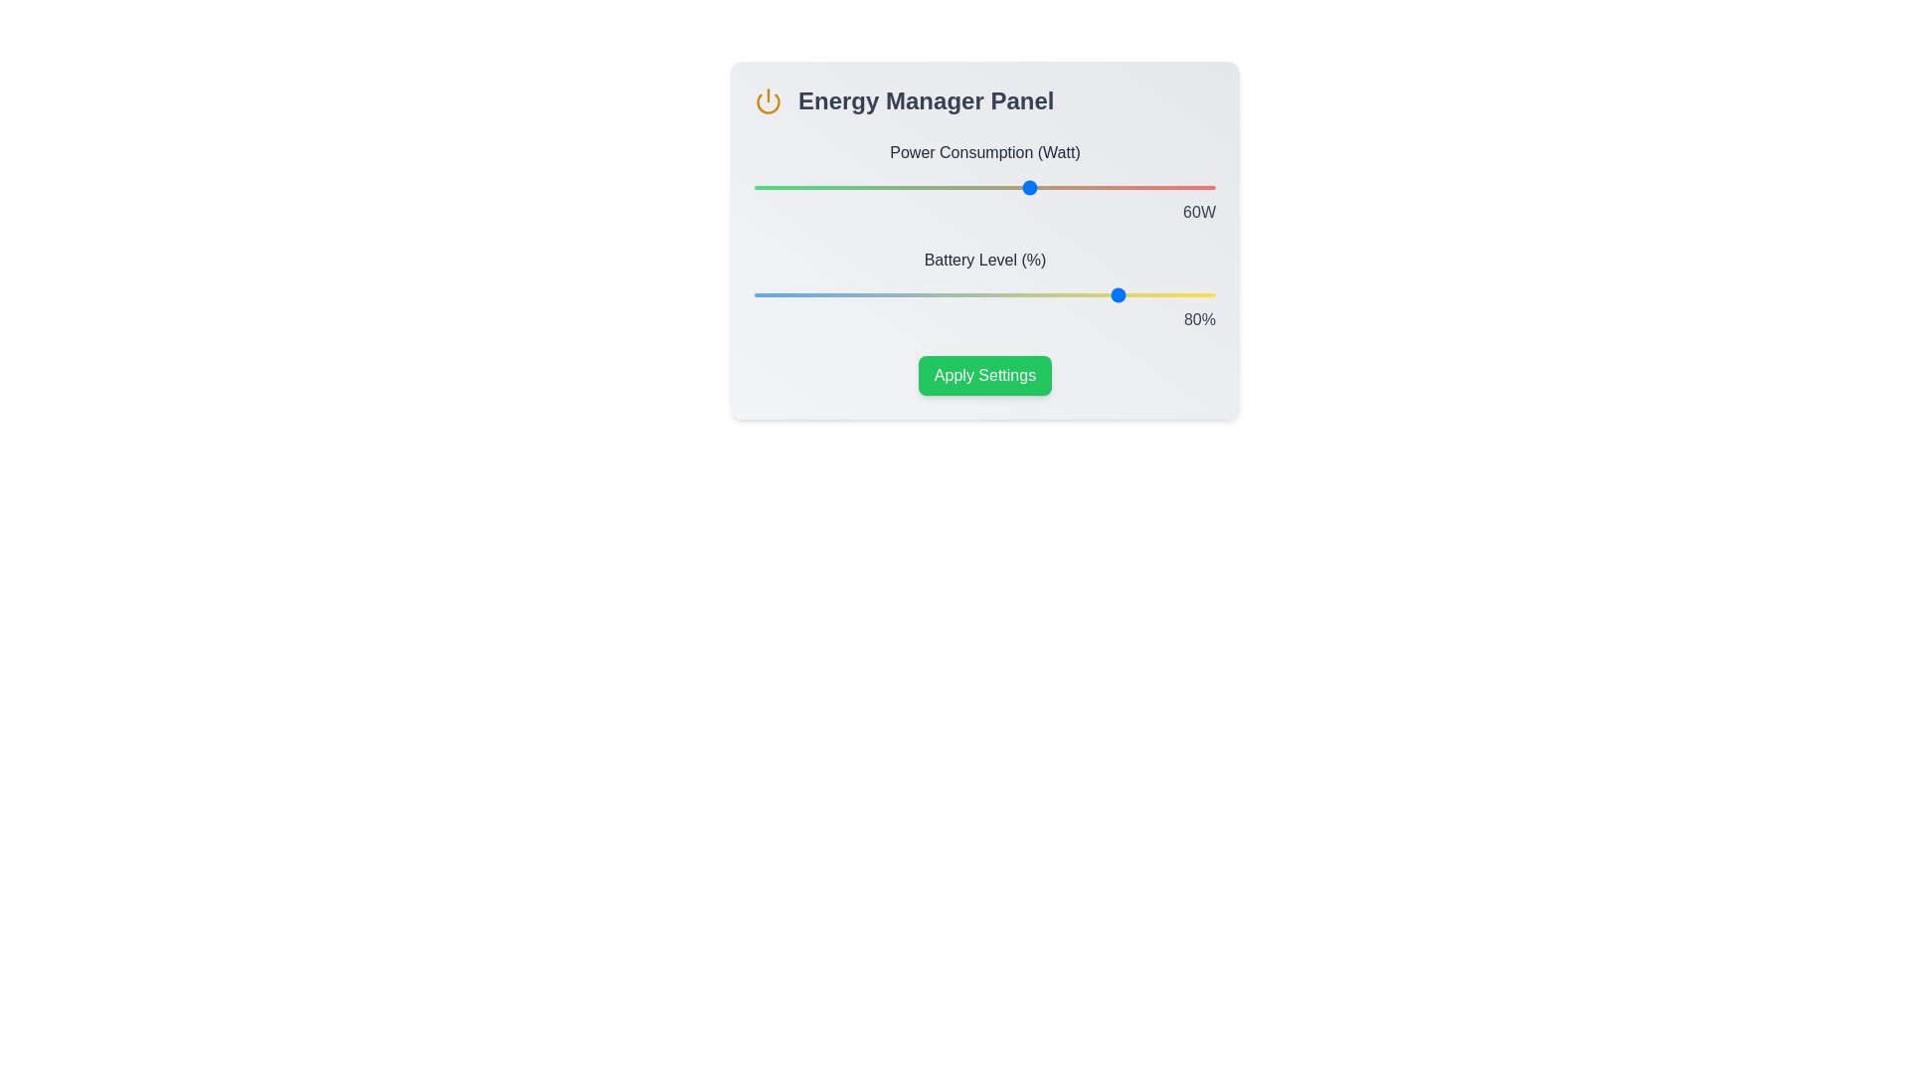  Describe the element at coordinates (1003, 188) in the screenshot. I see `the power consumption slider to 54 percent` at that location.